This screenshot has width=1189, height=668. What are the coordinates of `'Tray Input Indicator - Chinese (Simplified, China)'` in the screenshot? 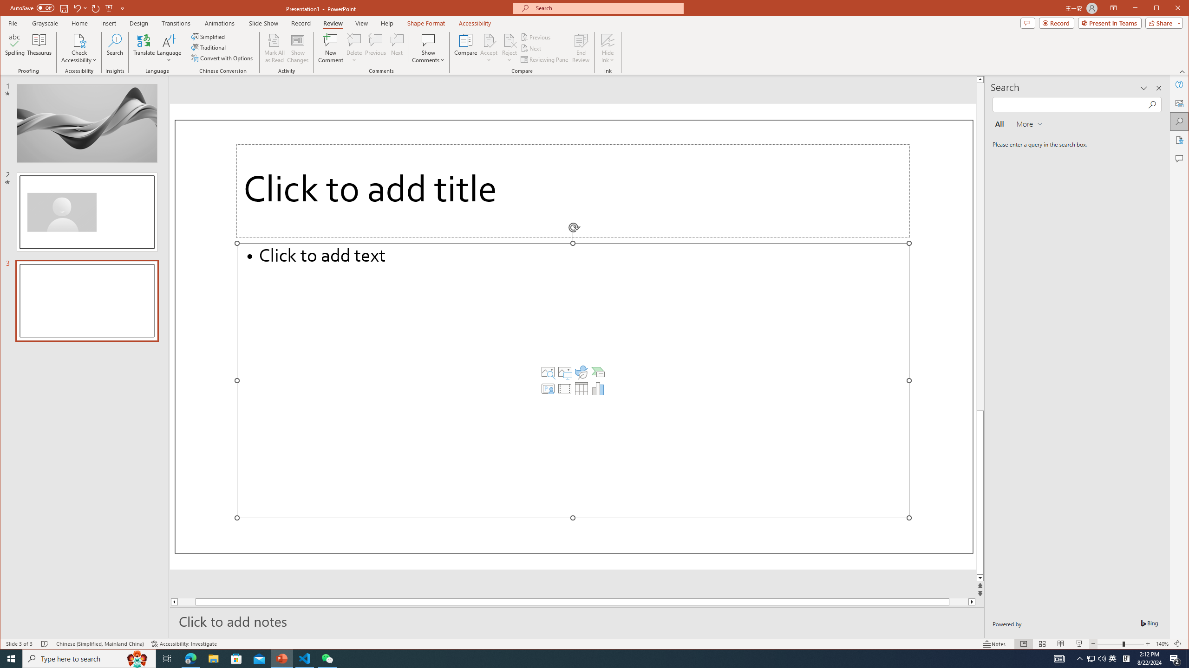 It's located at (1126, 658).